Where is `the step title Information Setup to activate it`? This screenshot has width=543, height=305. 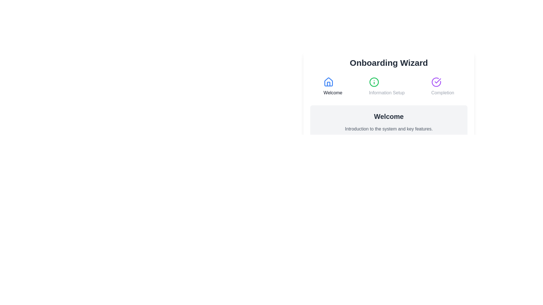 the step title Information Setup to activate it is located at coordinates (386, 87).